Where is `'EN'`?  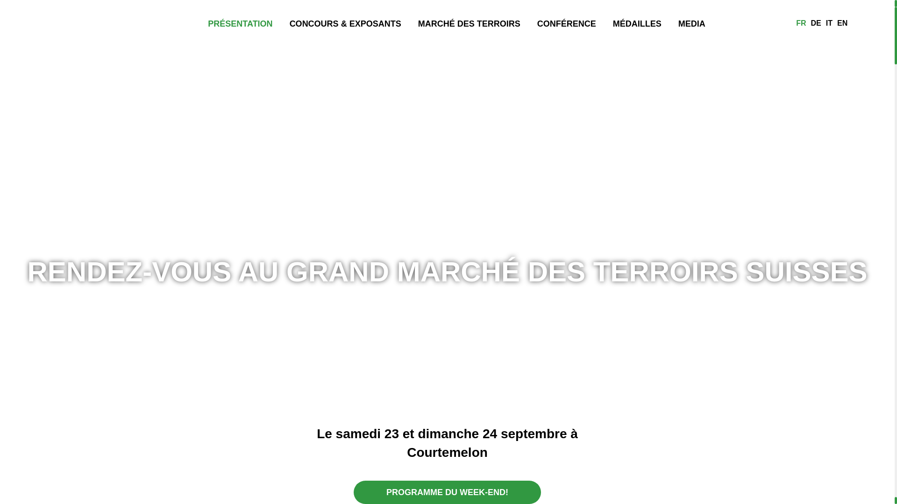 'EN' is located at coordinates (834, 23).